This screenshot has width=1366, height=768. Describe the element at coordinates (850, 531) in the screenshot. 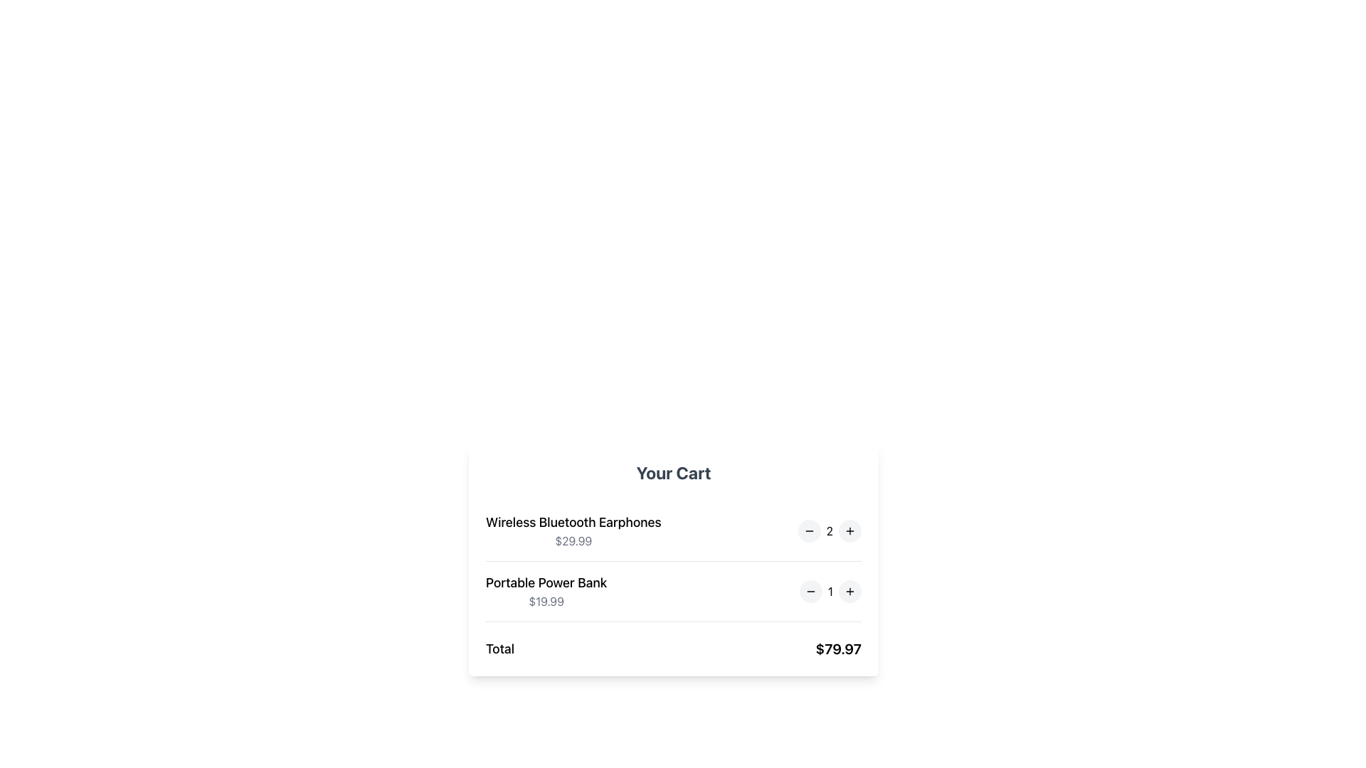

I see `the button to increase the quantity of the item 'Wireless Bluetooth Earphones' located on the right side of the first row in the cart section` at that location.